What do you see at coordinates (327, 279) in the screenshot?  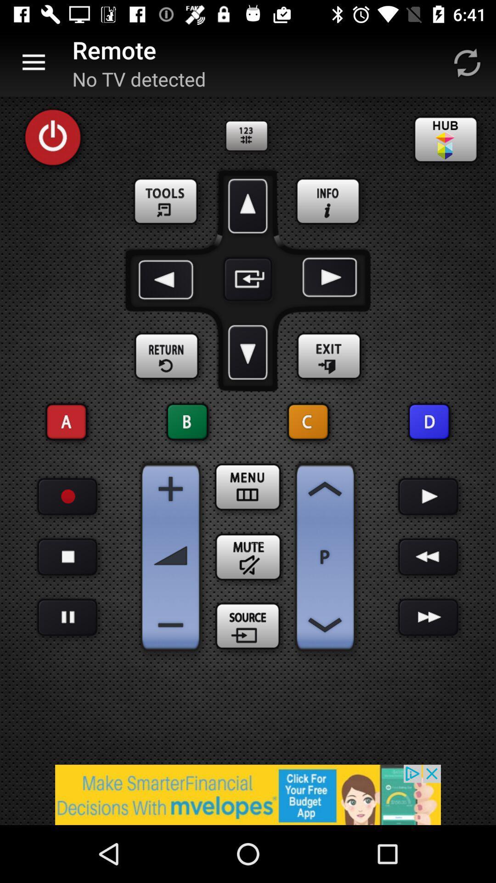 I see `next` at bounding box center [327, 279].